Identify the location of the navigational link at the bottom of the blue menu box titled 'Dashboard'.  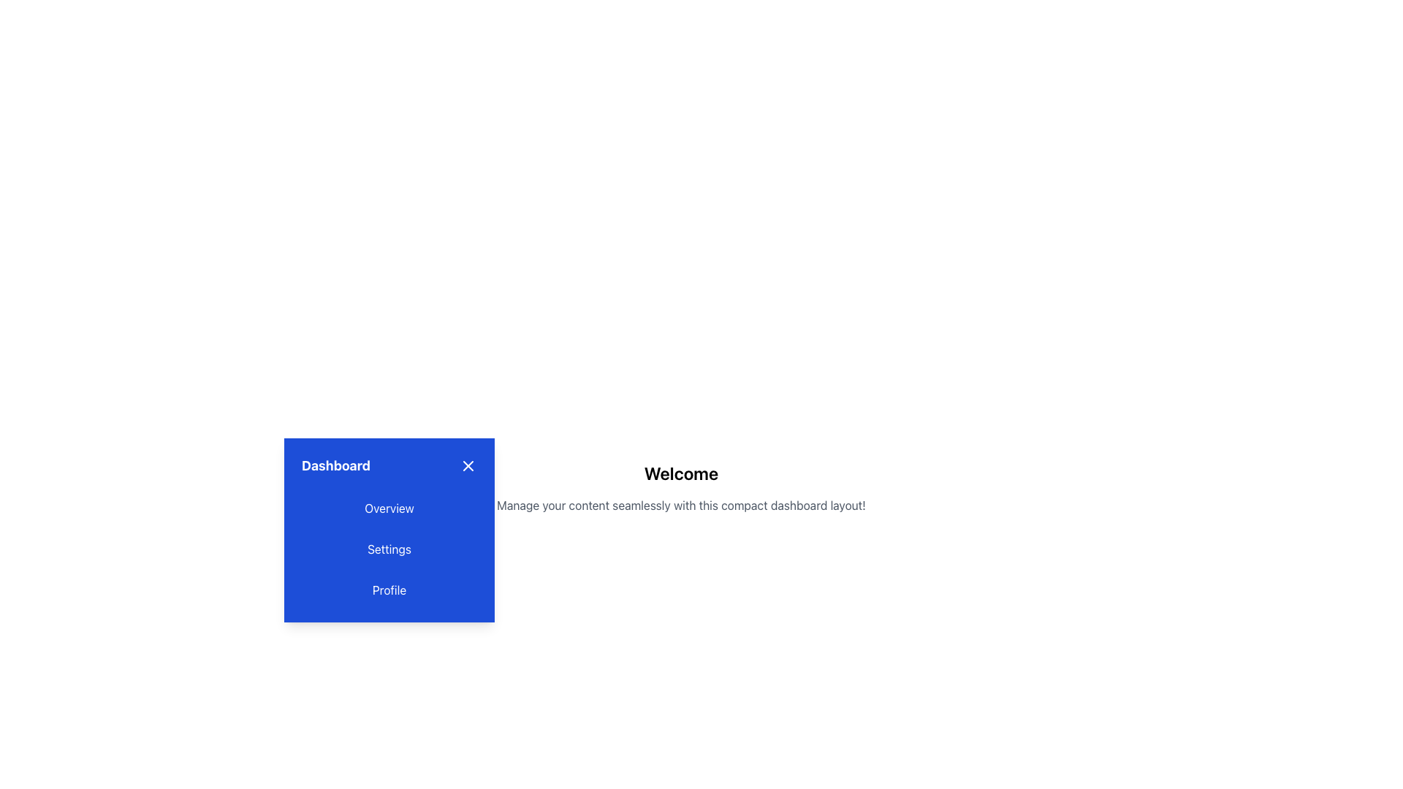
(389, 589).